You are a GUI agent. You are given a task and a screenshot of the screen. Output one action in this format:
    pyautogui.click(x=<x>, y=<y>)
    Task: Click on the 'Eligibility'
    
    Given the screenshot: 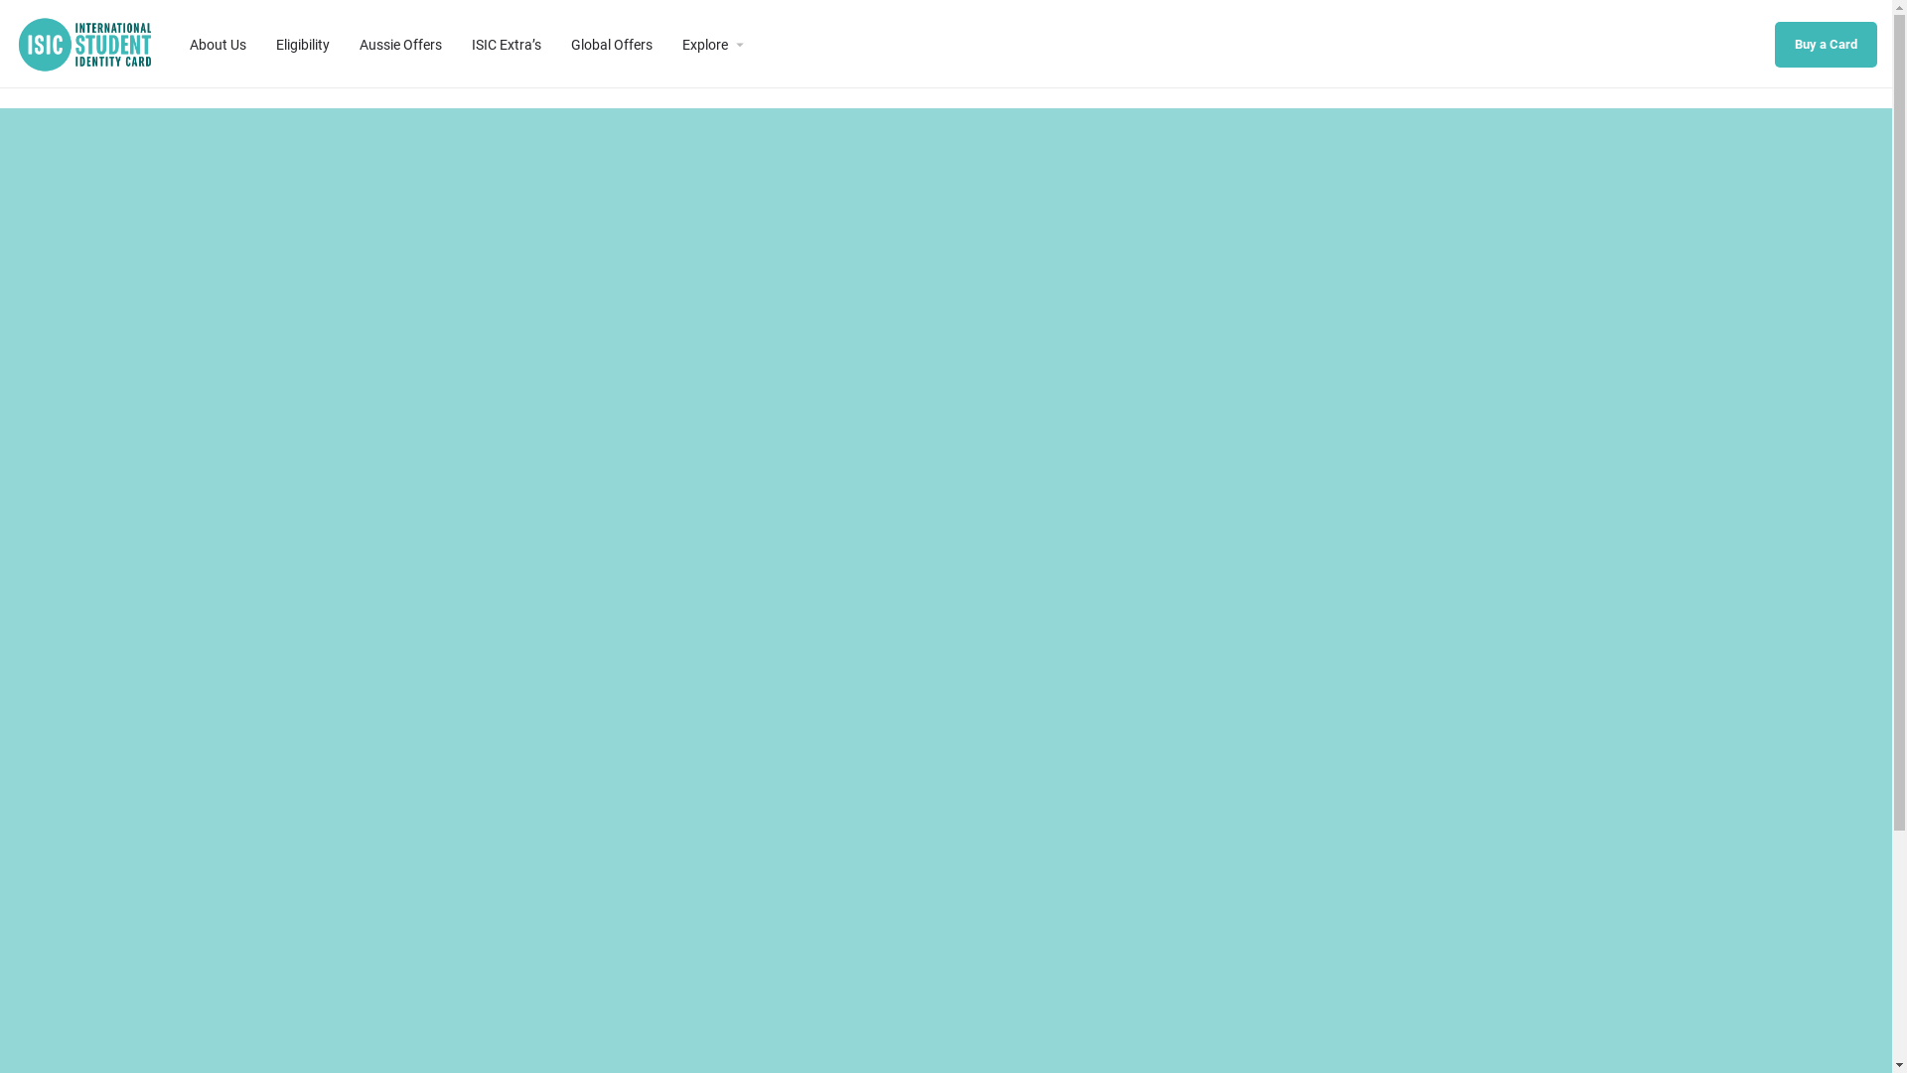 What is the action you would take?
    pyautogui.click(x=302, y=43)
    